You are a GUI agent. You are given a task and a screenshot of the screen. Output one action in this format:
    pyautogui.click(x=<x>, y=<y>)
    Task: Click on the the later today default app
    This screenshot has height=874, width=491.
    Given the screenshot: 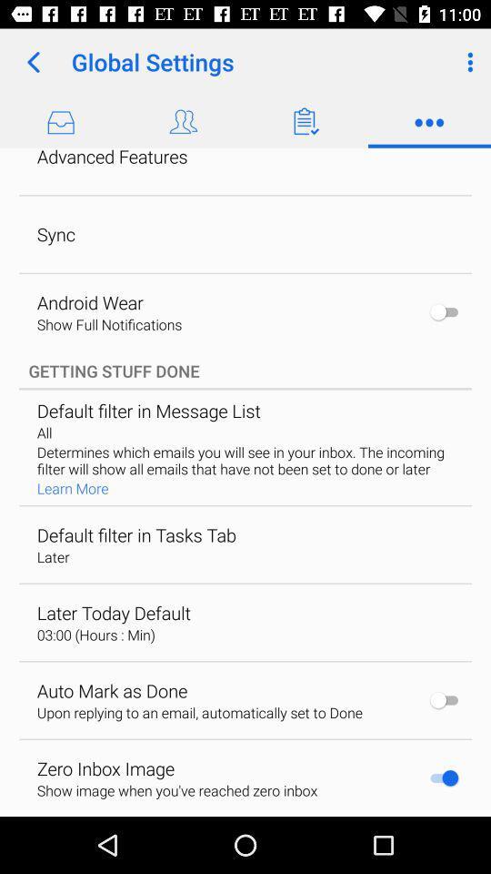 What is the action you would take?
    pyautogui.click(x=114, y=613)
    